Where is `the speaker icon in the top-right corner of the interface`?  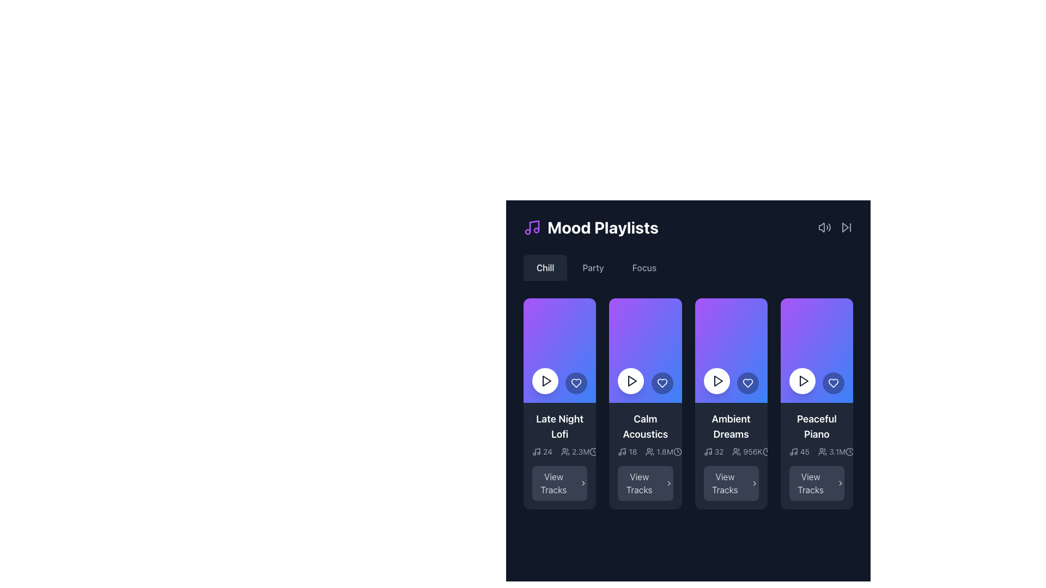
the speaker icon in the top-right corner of the interface is located at coordinates (824, 226).